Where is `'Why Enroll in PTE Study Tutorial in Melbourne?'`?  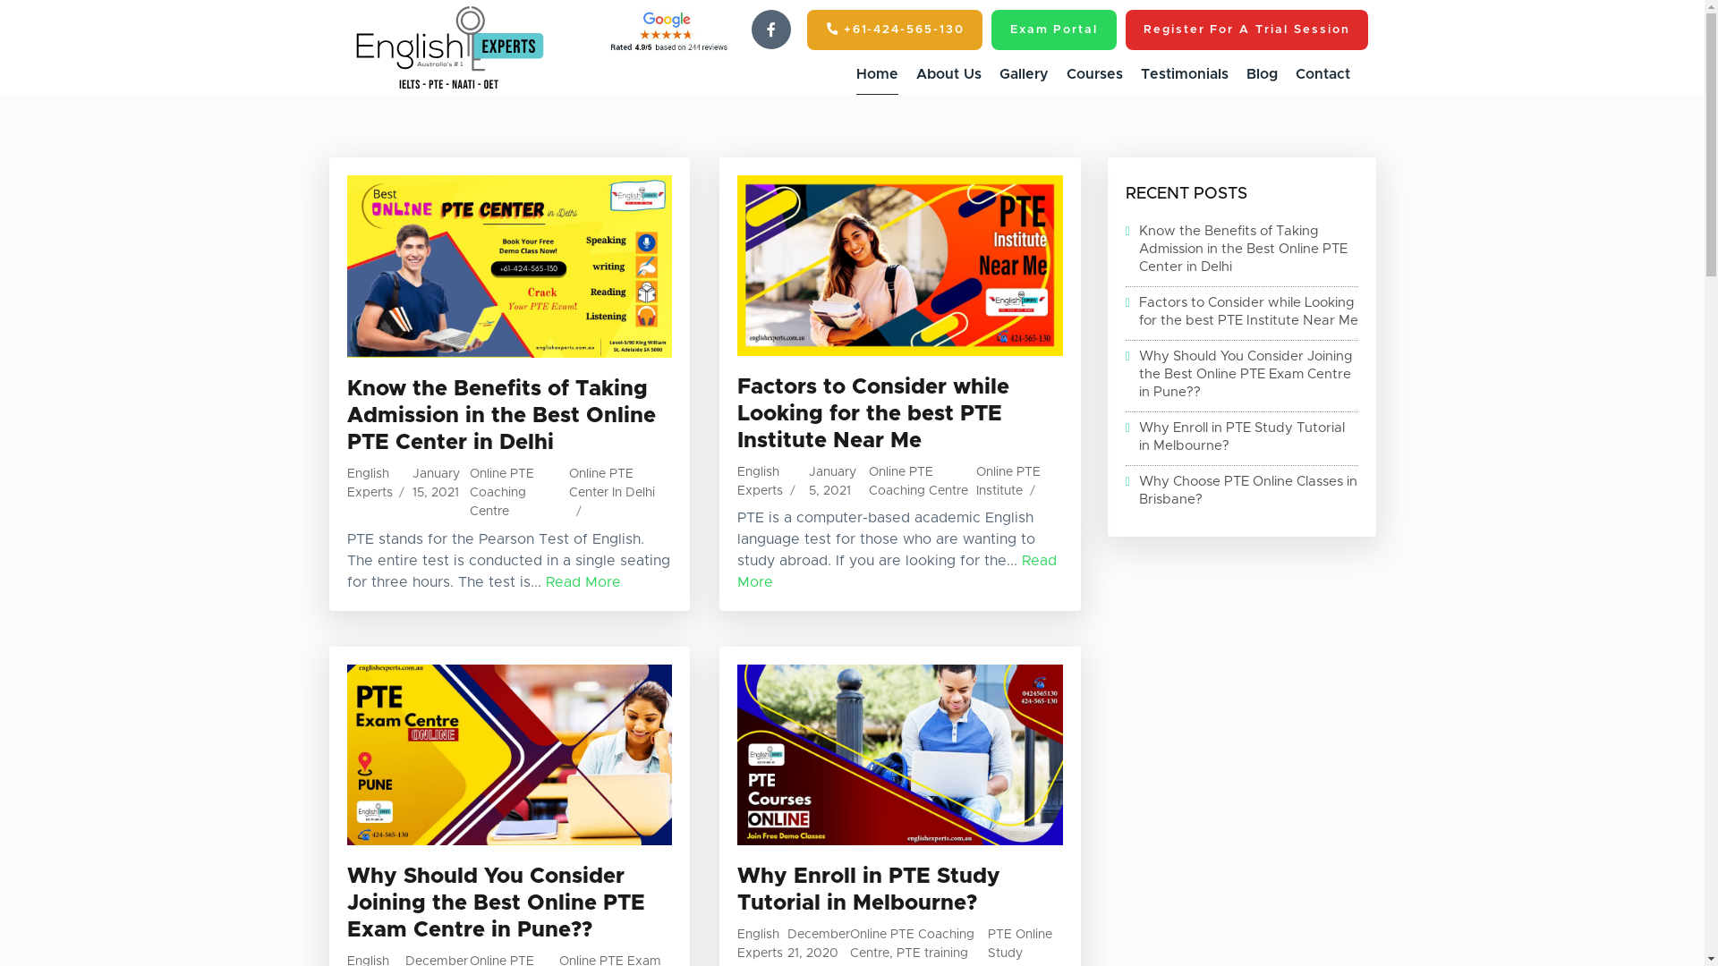
'Why Enroll in PTE Study Tutorial in Melbourne?' is located at coordinates (737, 890).